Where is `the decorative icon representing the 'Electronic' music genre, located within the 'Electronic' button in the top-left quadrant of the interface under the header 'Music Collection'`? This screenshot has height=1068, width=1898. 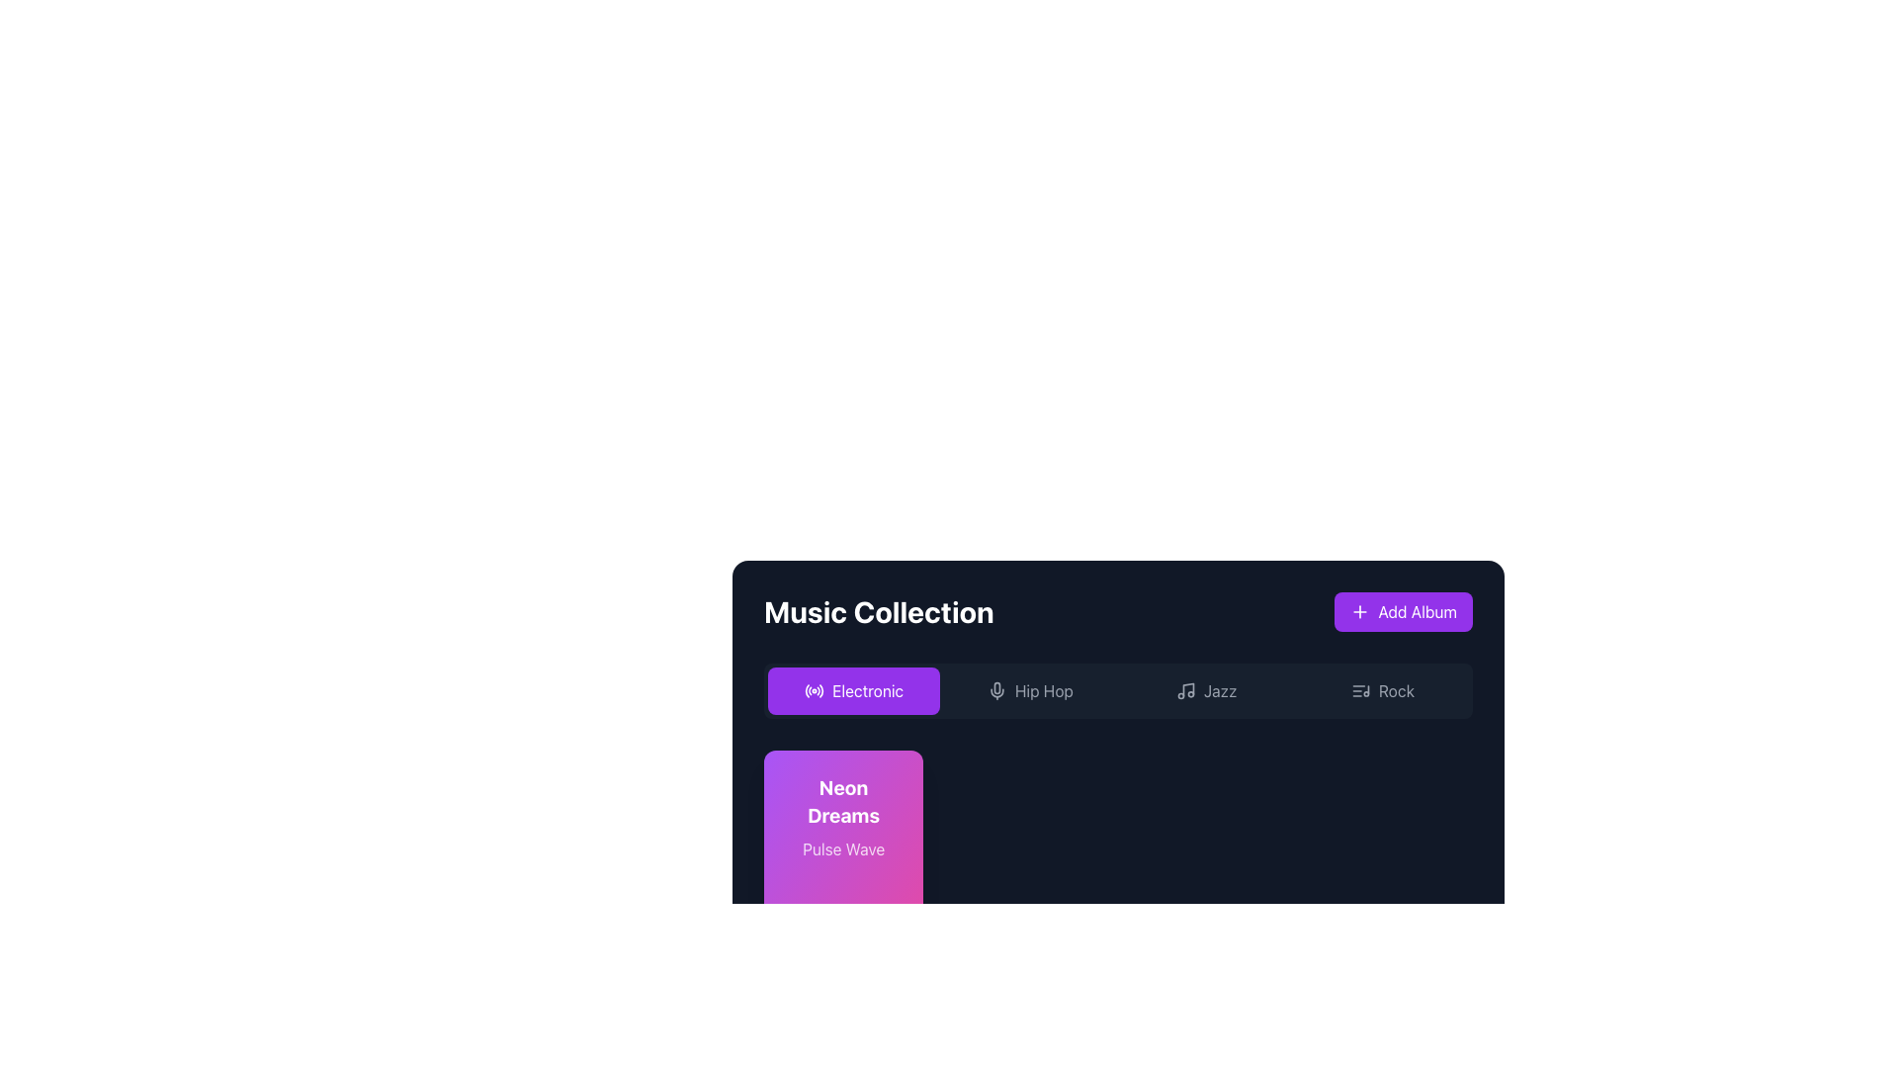 the decorative icon representing the 'Electronic' music genre, located within the 'Electronic' button in the top-left quadrant of the interface under the header 'Music Collection' is located at coordinates (815, 689).